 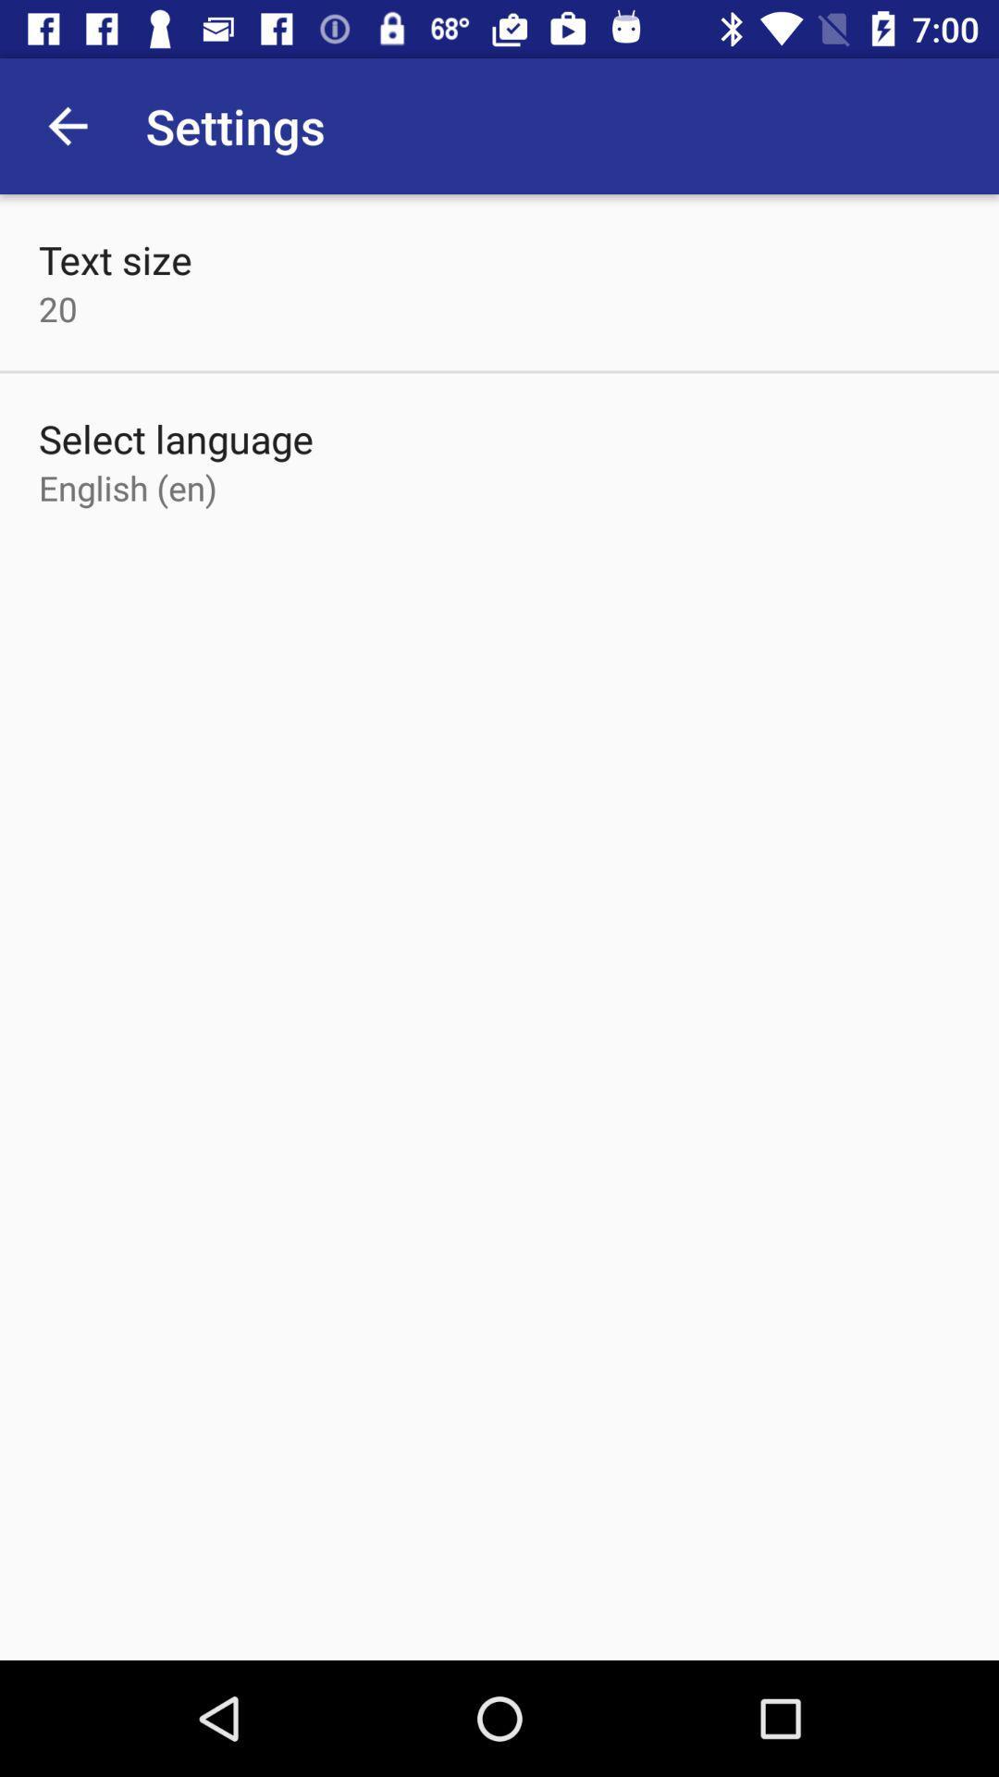 What do you see at coordinates (56, 308) in the screenshot?
I see `icon below the text size` at bounding box center [56, 308].